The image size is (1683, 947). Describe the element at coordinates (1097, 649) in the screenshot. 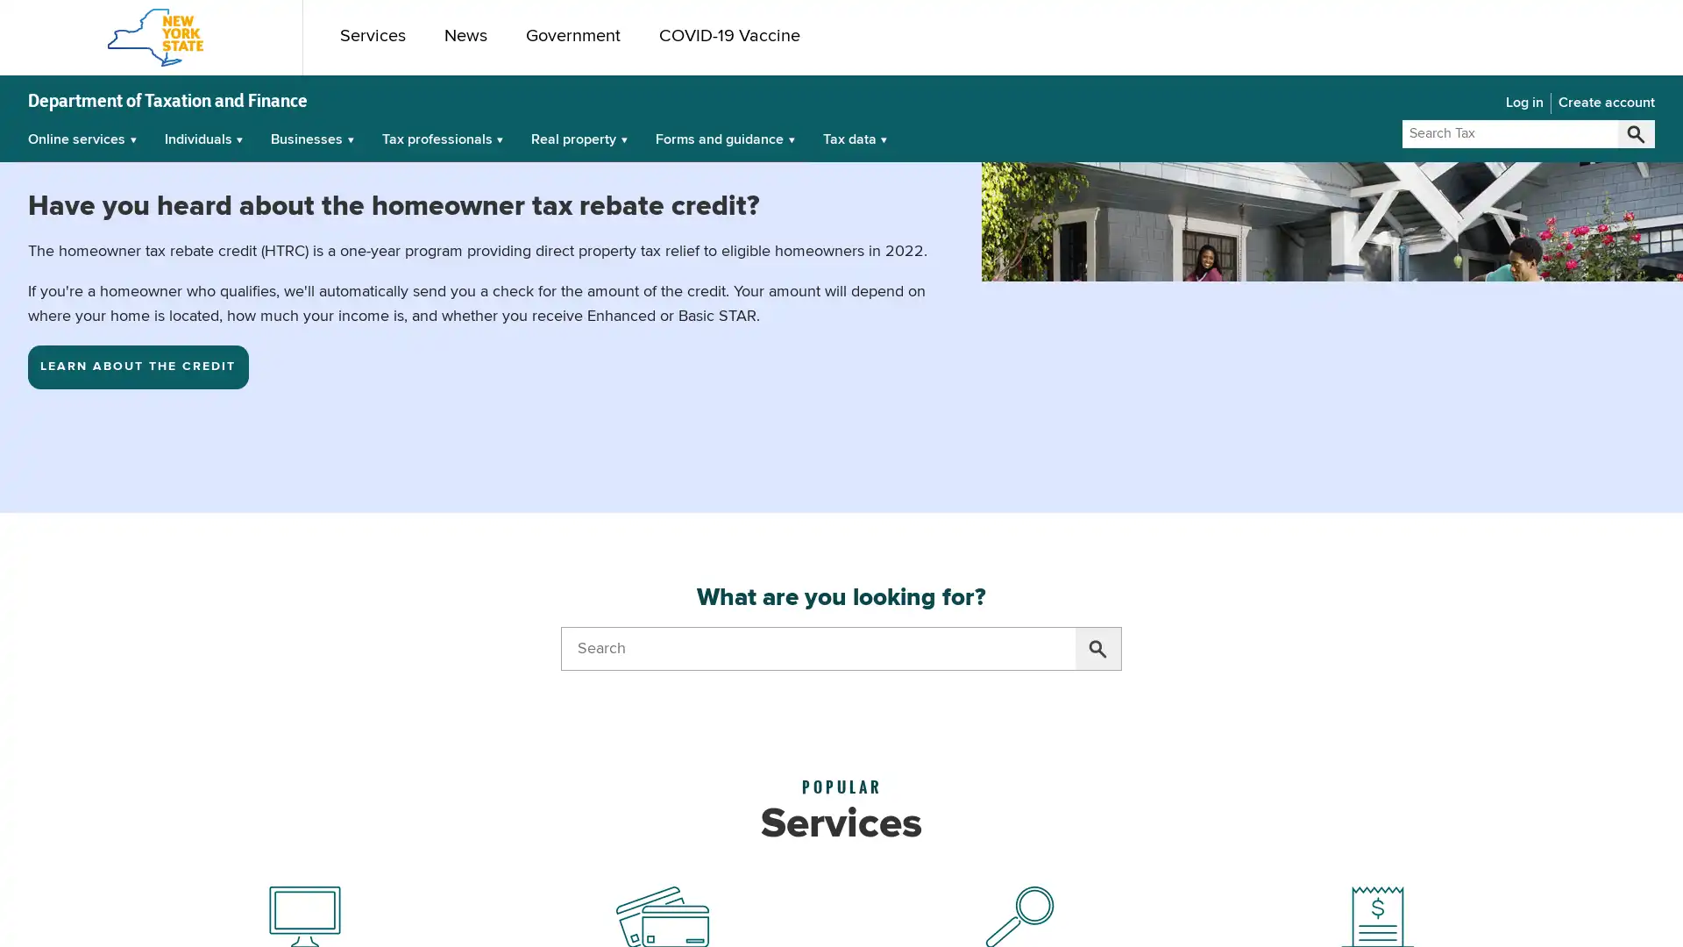

I see `Search` at that location.